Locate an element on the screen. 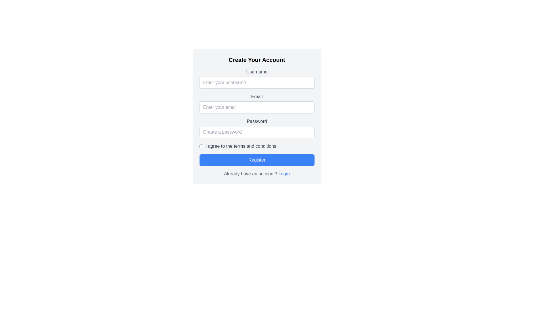  text with the interactive link that provides guidance for users who want to log in instead of creating a new account, located below the 'Register' button is located at coordinates (256, 174).